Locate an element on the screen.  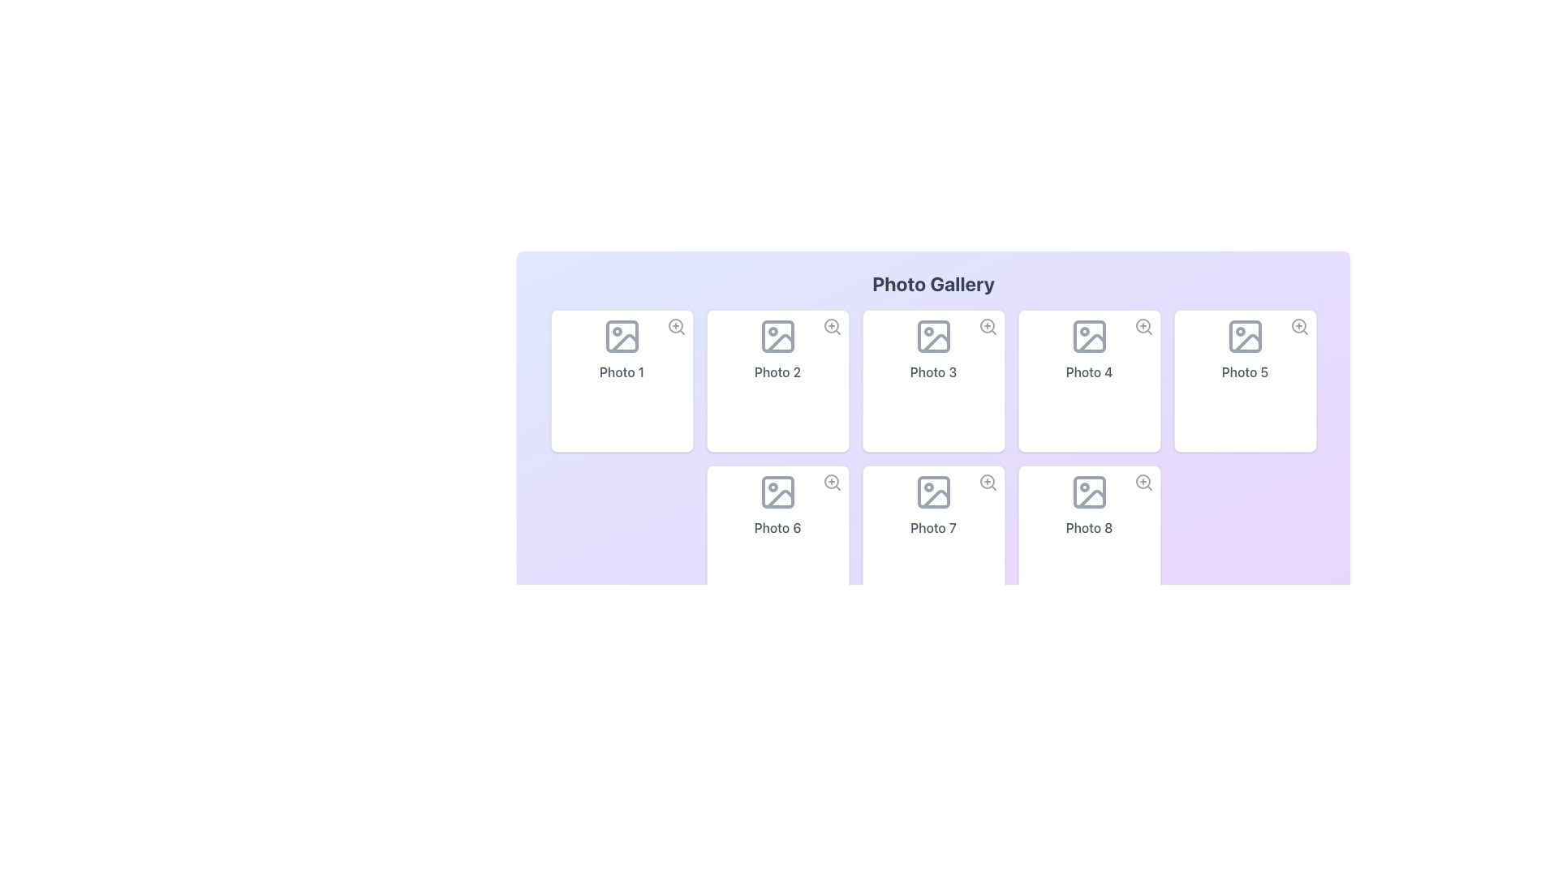
the zoom-in button located at the top-right corner of the 'Photo 5' card is located at coordinates (1299, 326).